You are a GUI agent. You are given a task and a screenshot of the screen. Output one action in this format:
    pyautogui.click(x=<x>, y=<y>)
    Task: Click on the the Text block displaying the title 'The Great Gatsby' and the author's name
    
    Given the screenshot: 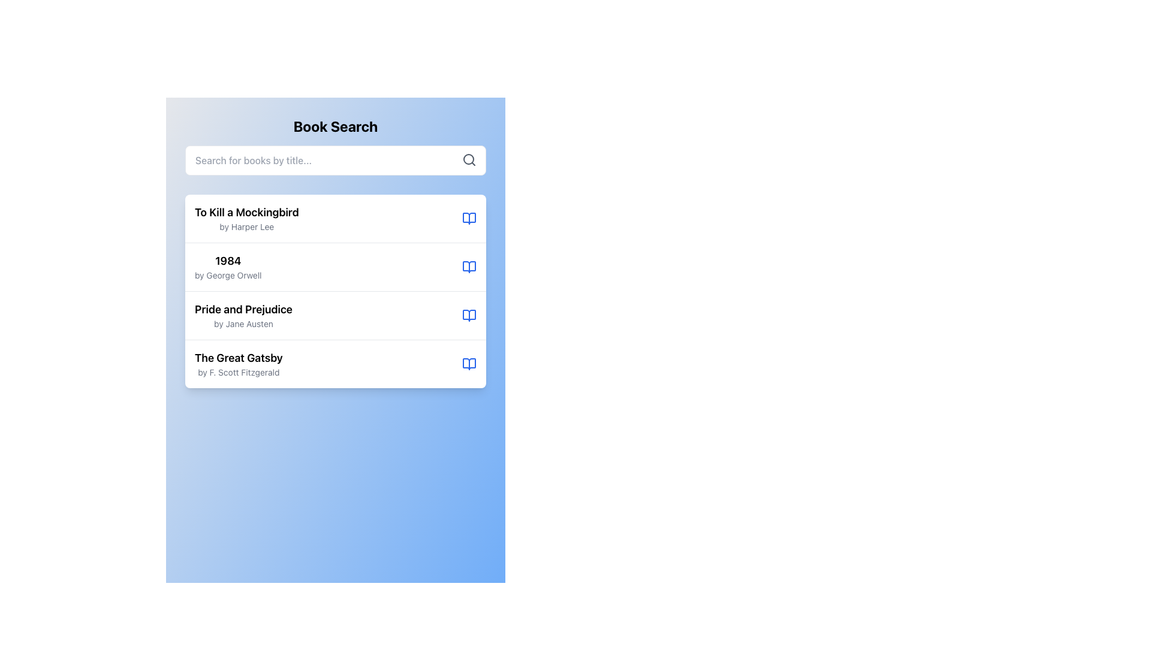 What is the action you would take?
    pyautogui.click(x=239, y=364)
    